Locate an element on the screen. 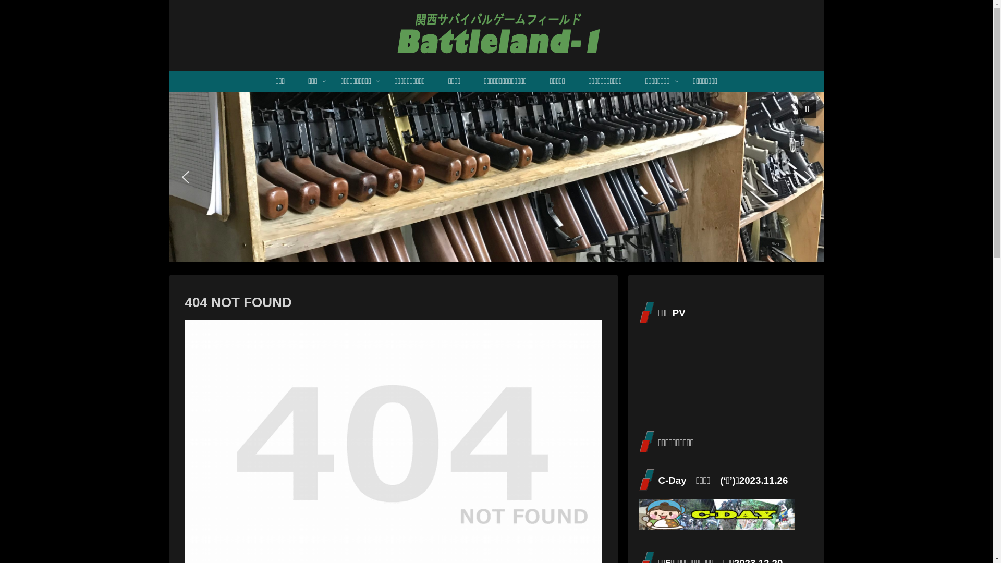 This screenshot has height=563, width=1001. 'YouTube video player' is located at coordinates (715, 370).